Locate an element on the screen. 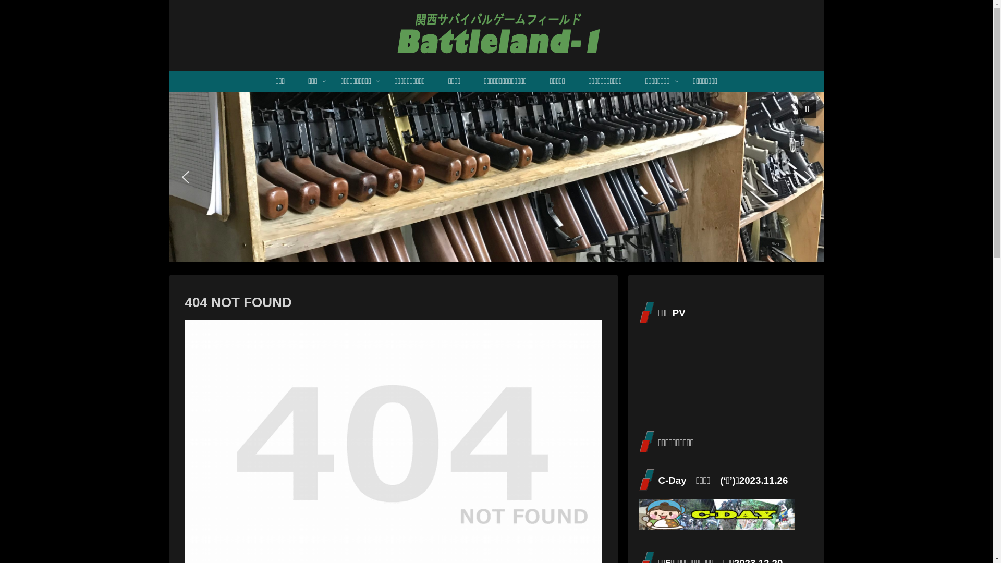 This screenshot has height=563, width=1001. 'YouTube video player' is located at coordinates (715, 370).